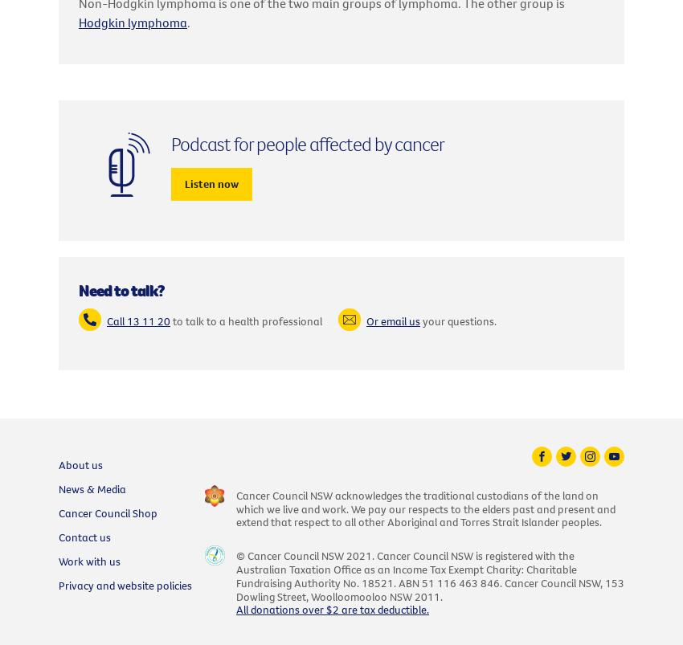  I want to click on 'All donations over $2 are tax deductible.', so click(333, 609).